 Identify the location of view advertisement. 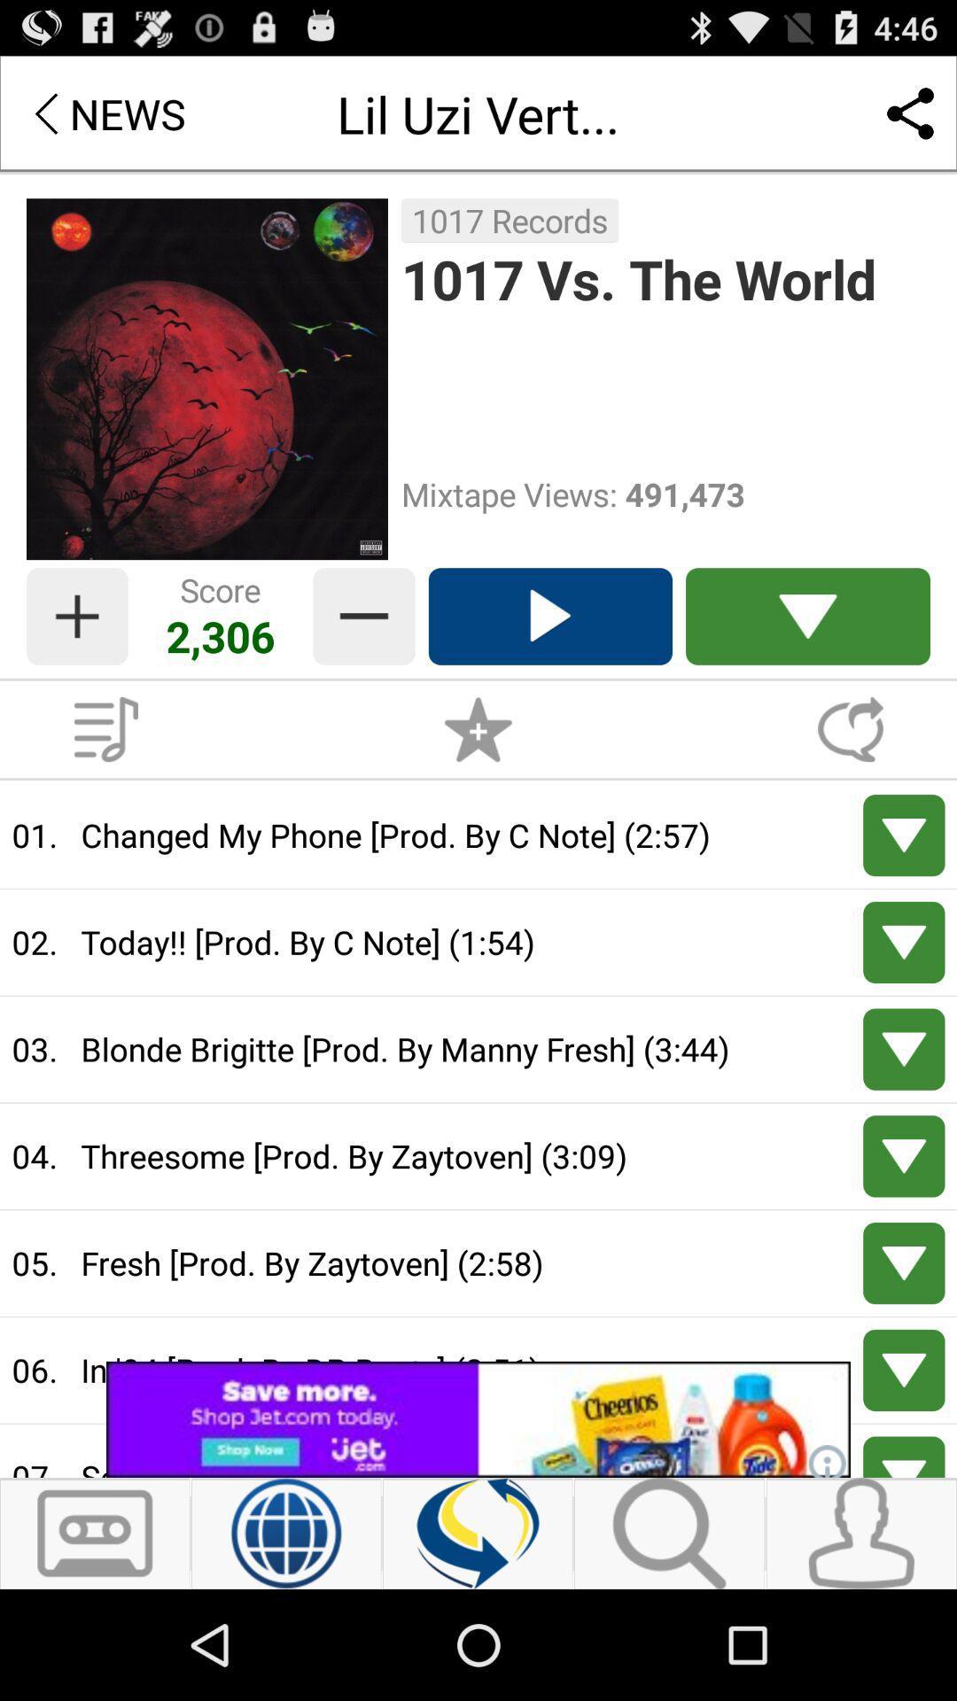
(478, 1419).